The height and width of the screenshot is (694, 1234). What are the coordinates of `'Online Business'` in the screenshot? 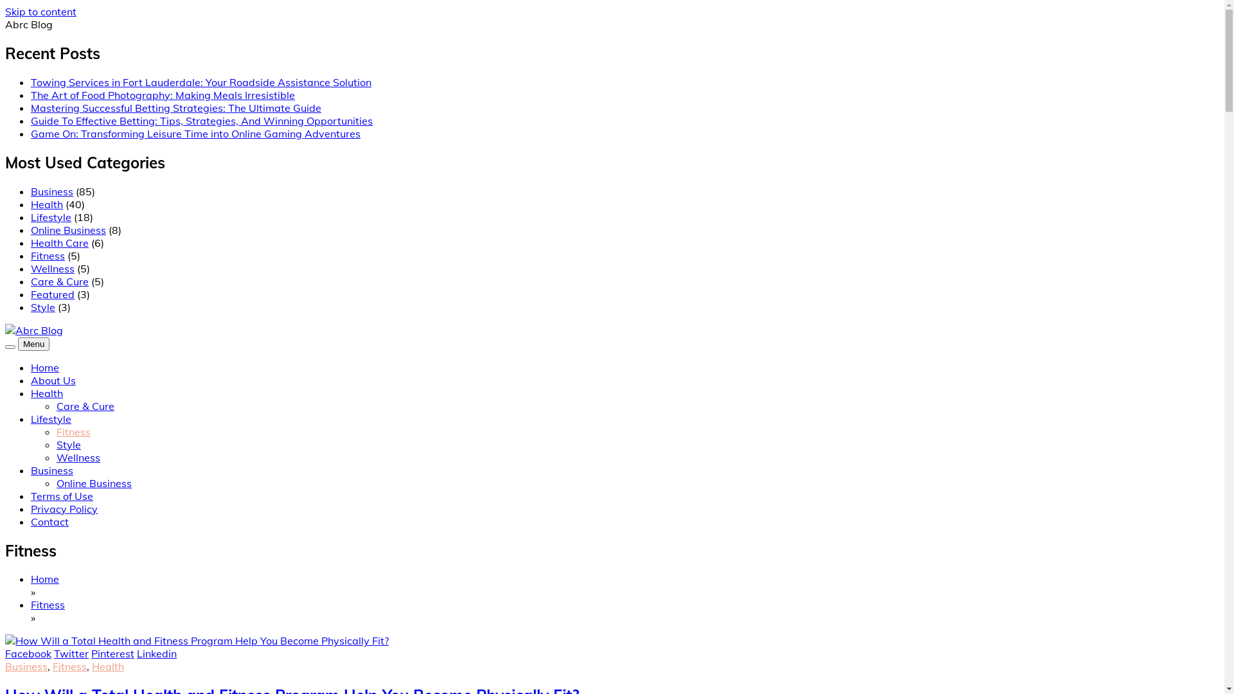 It's located at (67, 229).